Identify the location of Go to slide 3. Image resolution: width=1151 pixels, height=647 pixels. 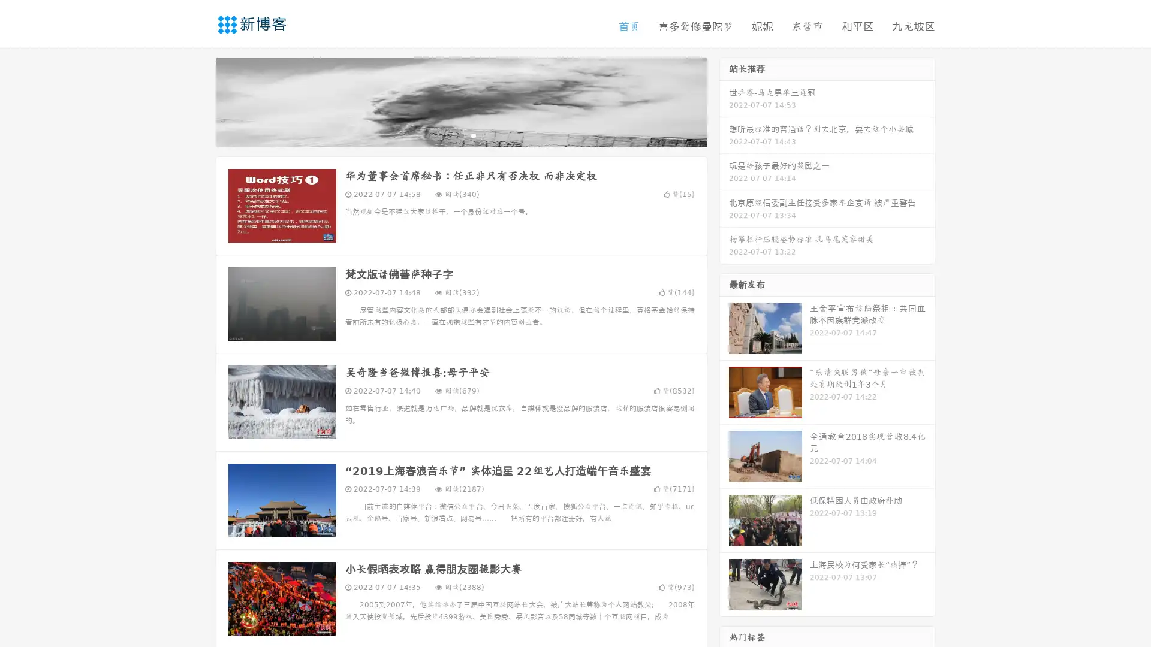
(473, 135).